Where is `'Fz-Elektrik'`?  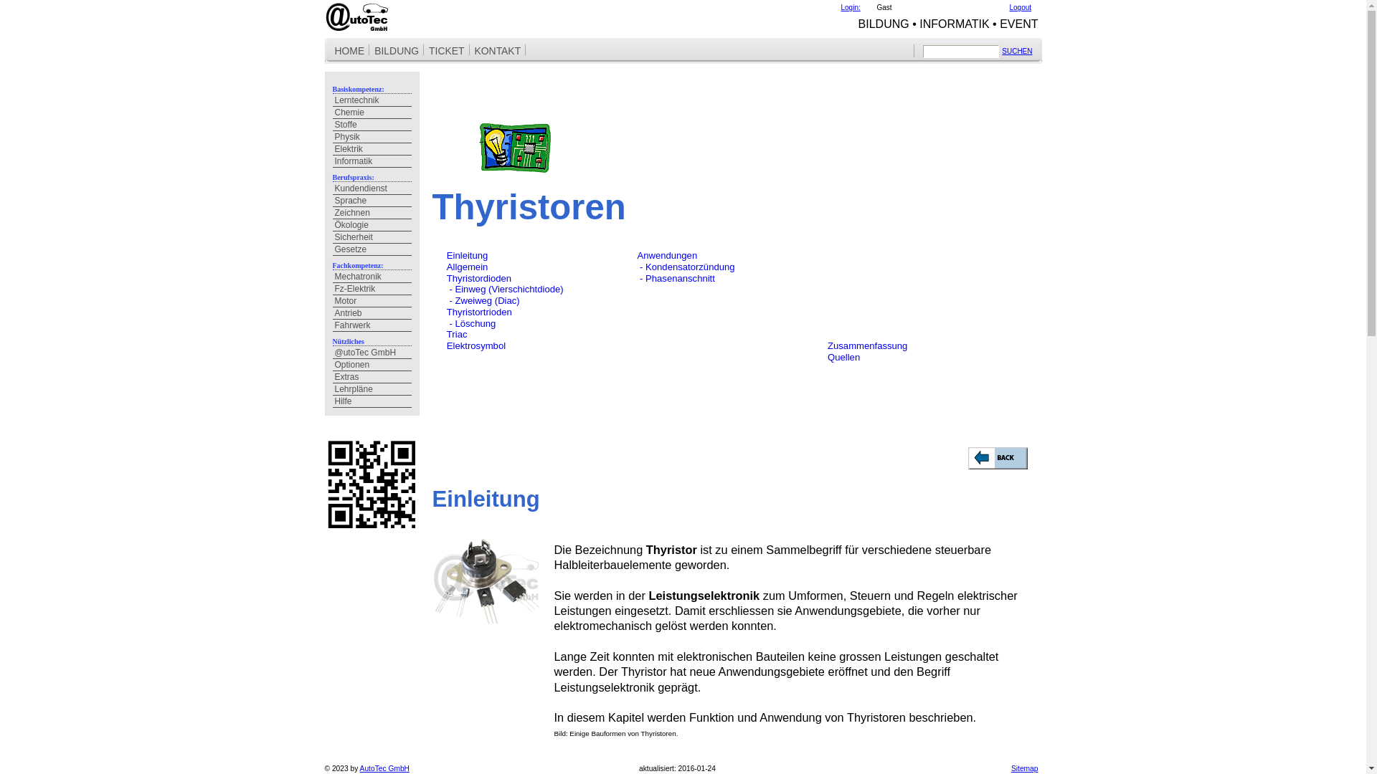
'Fz-Elektrik' is located at coordinates (372, 289).